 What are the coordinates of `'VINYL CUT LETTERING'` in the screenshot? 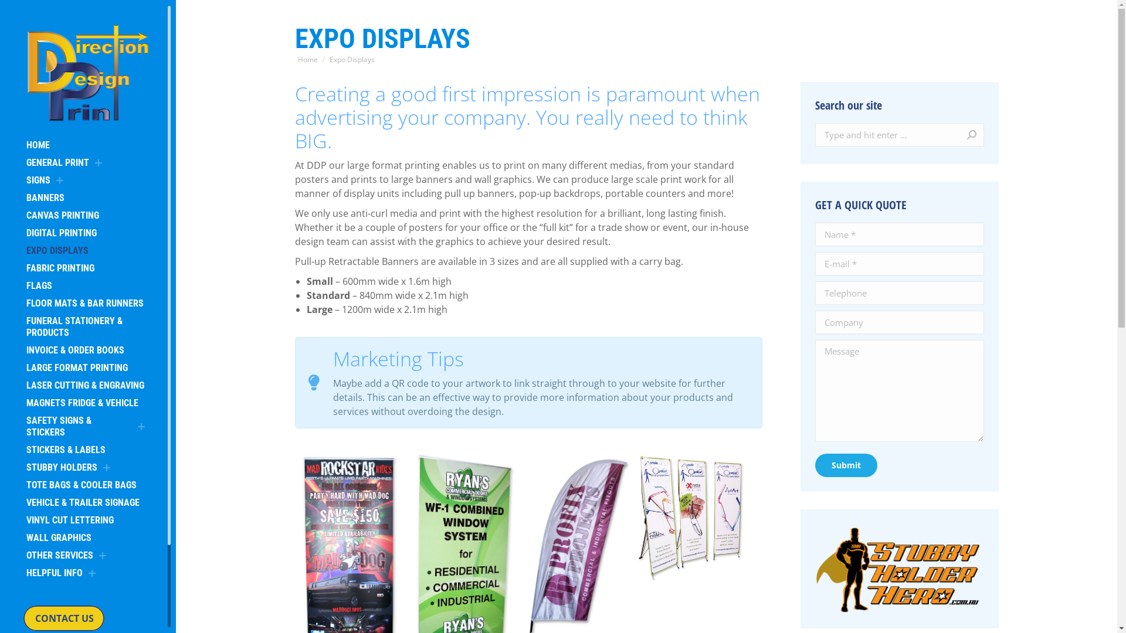 It's located at (69, 519).